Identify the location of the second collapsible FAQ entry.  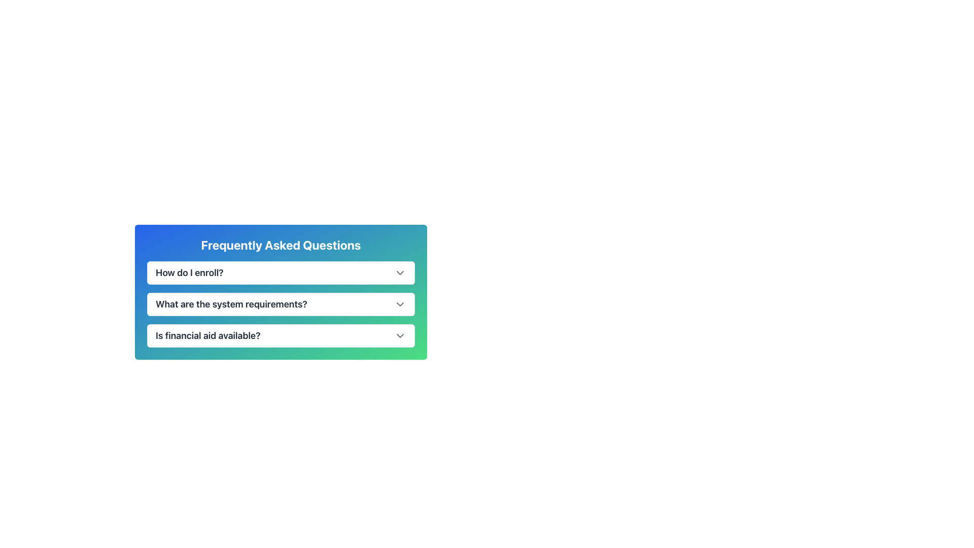
(281, 304).